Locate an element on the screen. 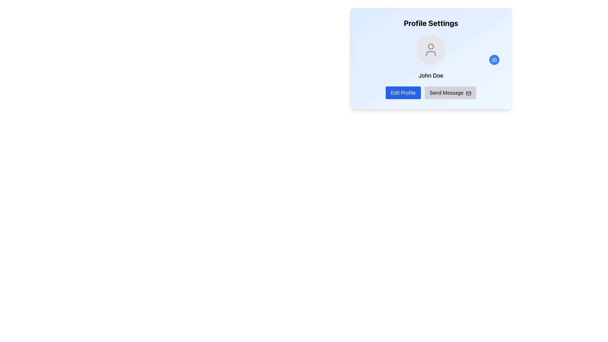 The image size is (608, 342). attributes of the graphical decoration inside the SVG user icon, which resembles the head of the figure in the avatar graphic located at the center of the user avatar icon is located at coordinates (431, 46).